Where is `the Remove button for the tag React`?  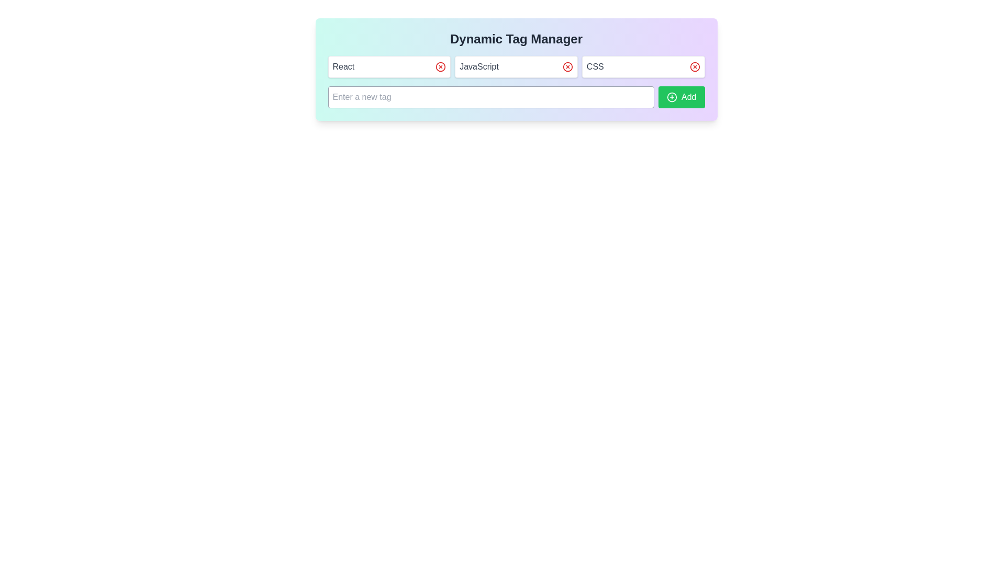 the Remove button for the tag React is located at coordinates (441, 66).